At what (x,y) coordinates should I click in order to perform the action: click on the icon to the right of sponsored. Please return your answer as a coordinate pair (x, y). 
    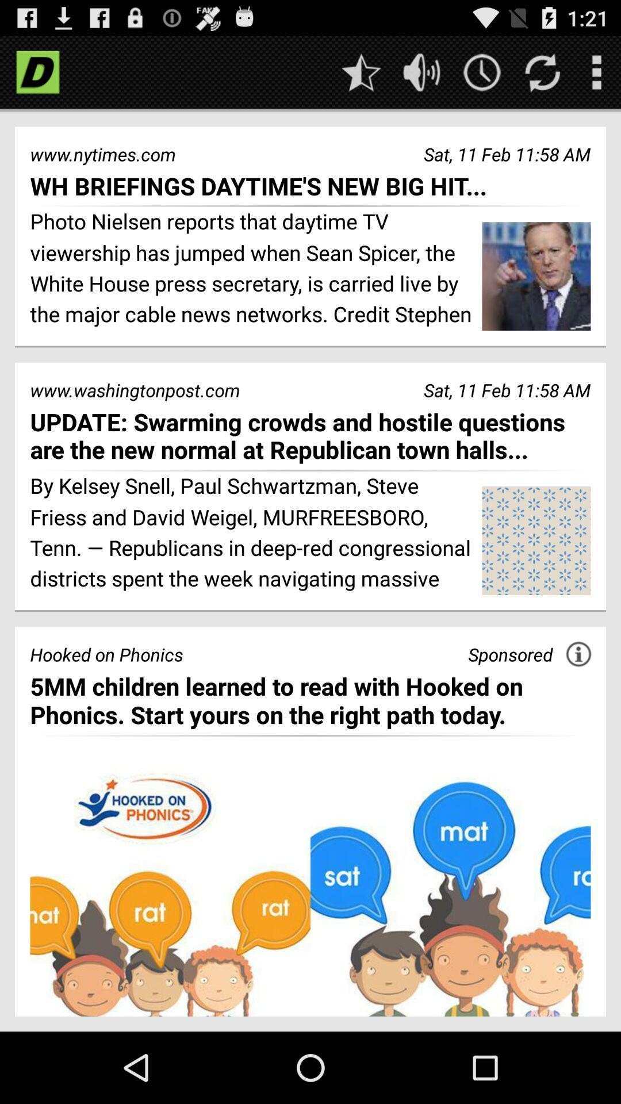
    Looking at the image, I should click on (578, 654).